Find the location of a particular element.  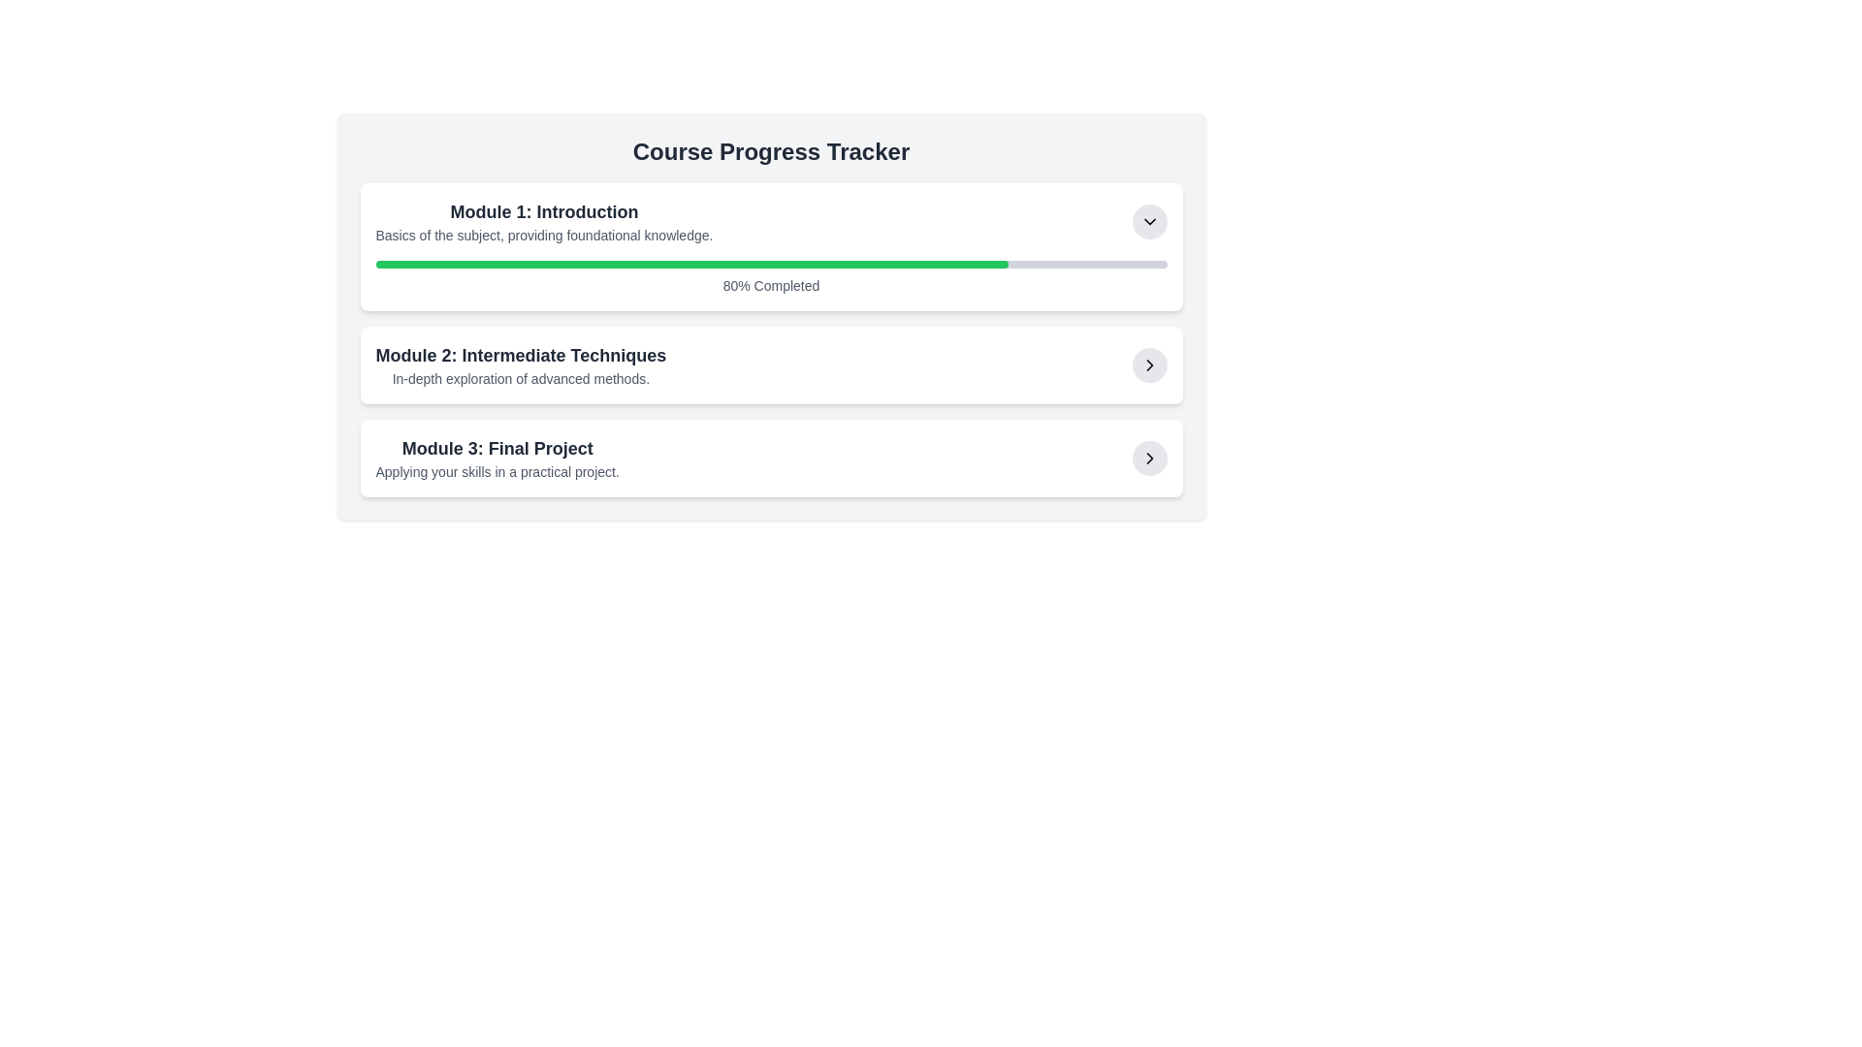

the text label that reads 'Applying your skills in a practical project.', which is styled in a small gray font and positioned below the heading 'Module 3: Final Project' is located at coordinates (498, 471).